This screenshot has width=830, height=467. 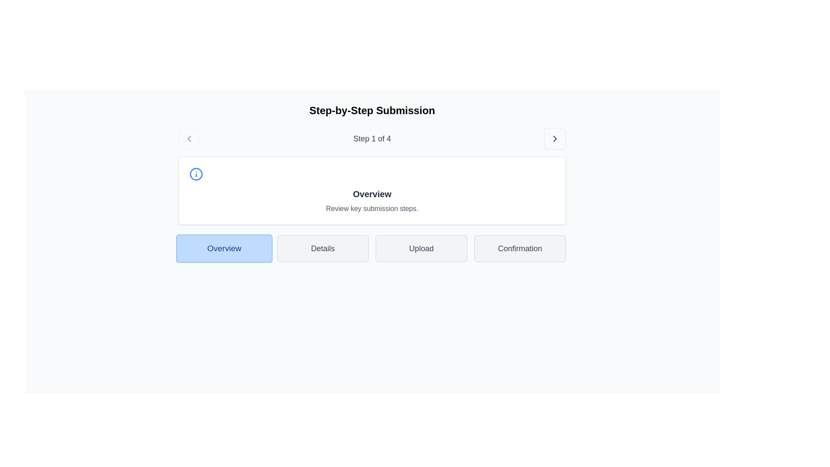 I want to click on the 'Confirmation' text label embedded in the fourth button at the bottom of the page, which is styled in dark gray and bold font, so click(x=520, y=248).